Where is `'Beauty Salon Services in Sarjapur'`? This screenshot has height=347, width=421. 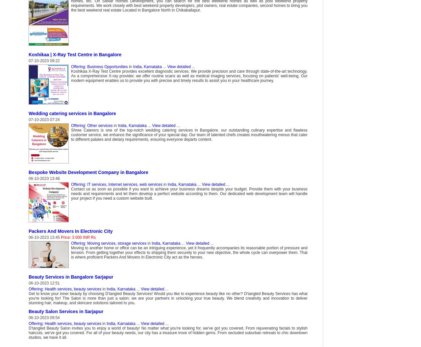
'Beauty Salon Services in Sarjapur' is located at coordinates (28, 311).